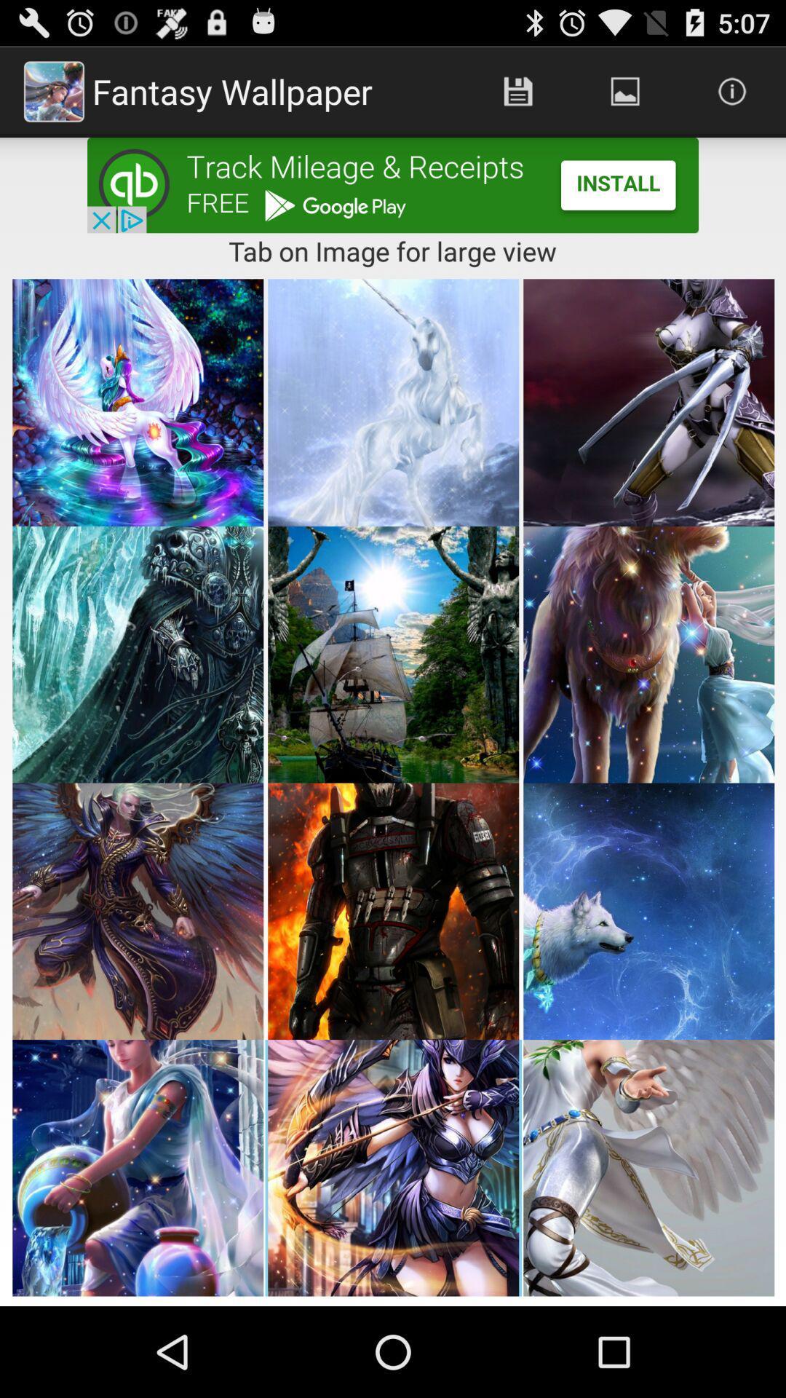 This screenshot has width=786, height=1398. Describe the element at coordinates (732, 90) in the screenshot. I see `the info icon on top right` at that location.